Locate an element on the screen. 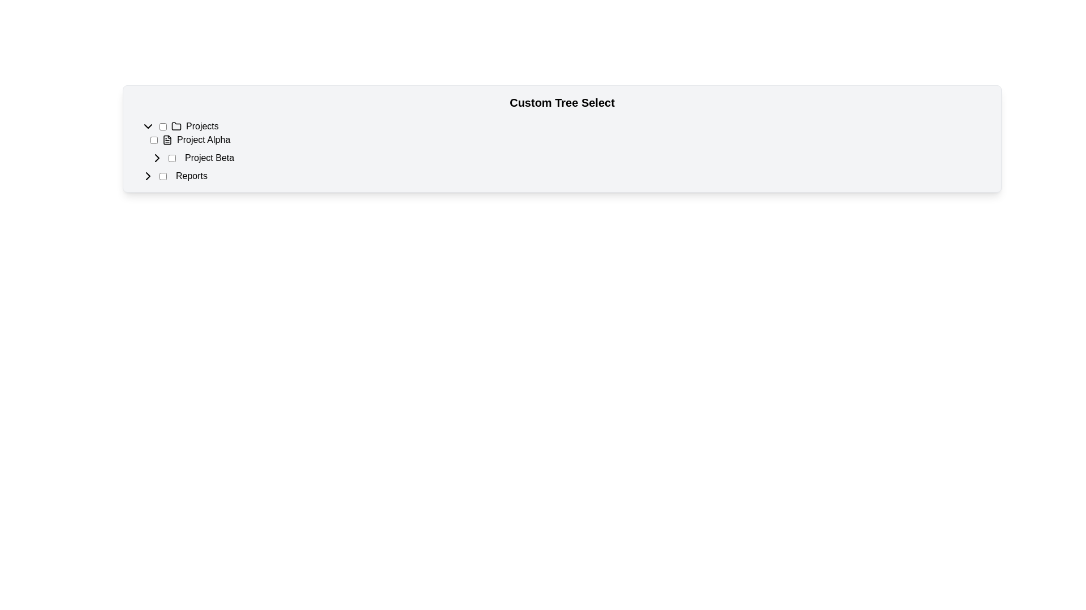 The image size is (1086, 610). the expandable or collapsible button located to the left of the 'Reports' label in the hierarchical tree display is located at coordinates (148, 176).